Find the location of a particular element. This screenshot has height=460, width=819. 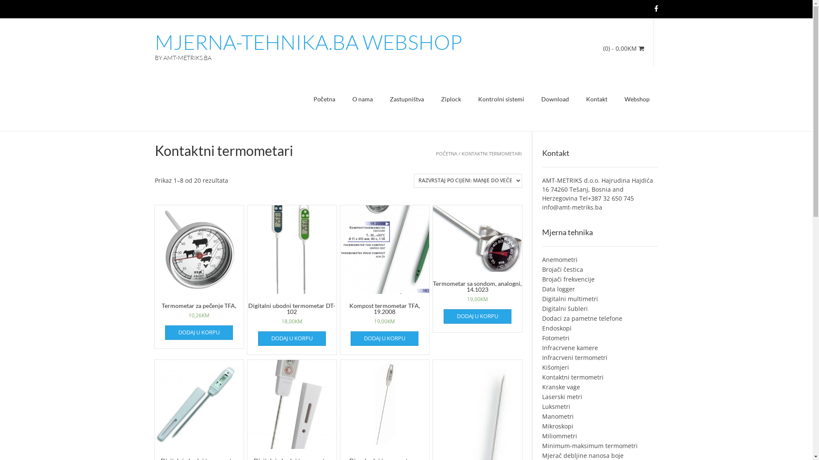

'Webshop' is located at coordinates (637, 100).